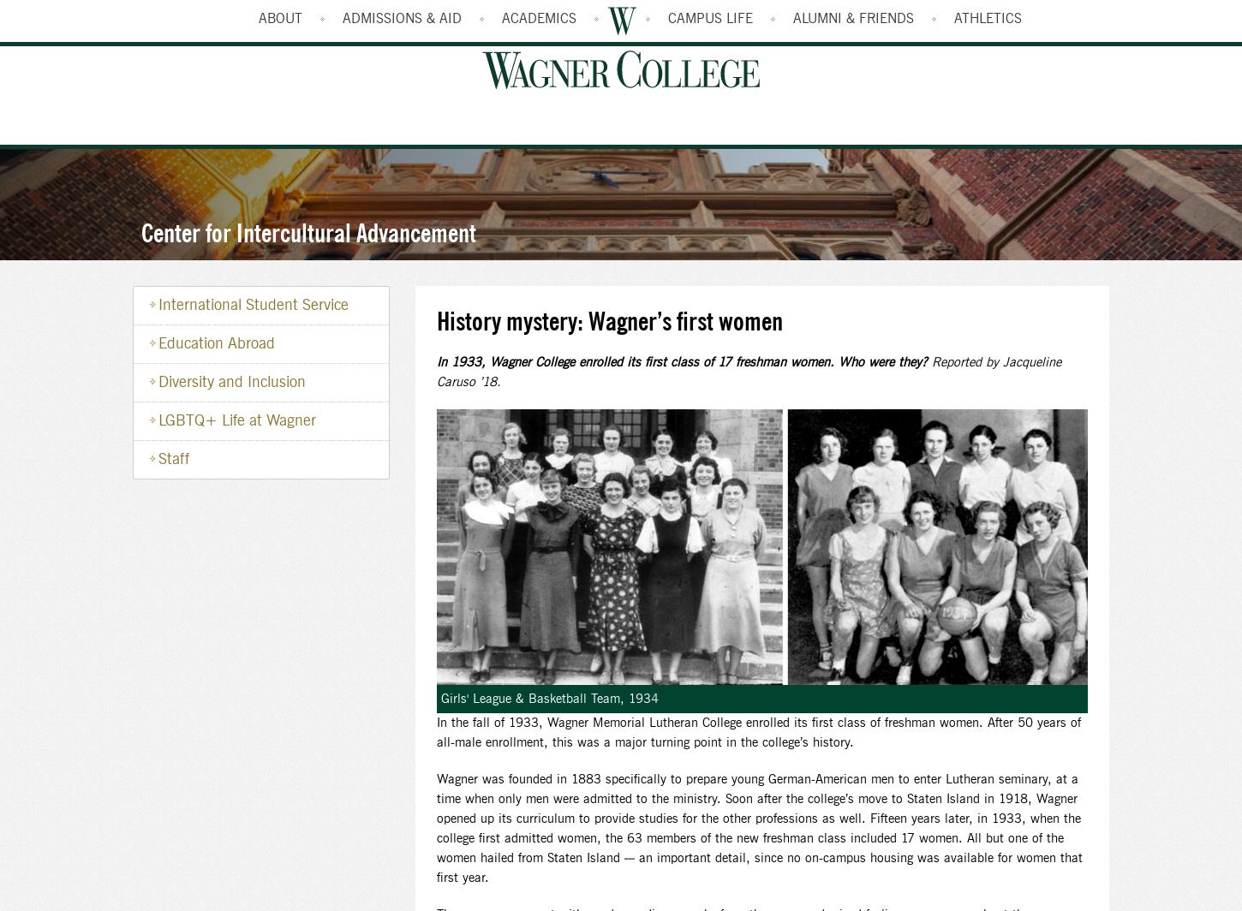  What do you see at coordinates (970, 15) in the screenshot?
I see `'QuickLinks'` at bounding box center [970, 15].